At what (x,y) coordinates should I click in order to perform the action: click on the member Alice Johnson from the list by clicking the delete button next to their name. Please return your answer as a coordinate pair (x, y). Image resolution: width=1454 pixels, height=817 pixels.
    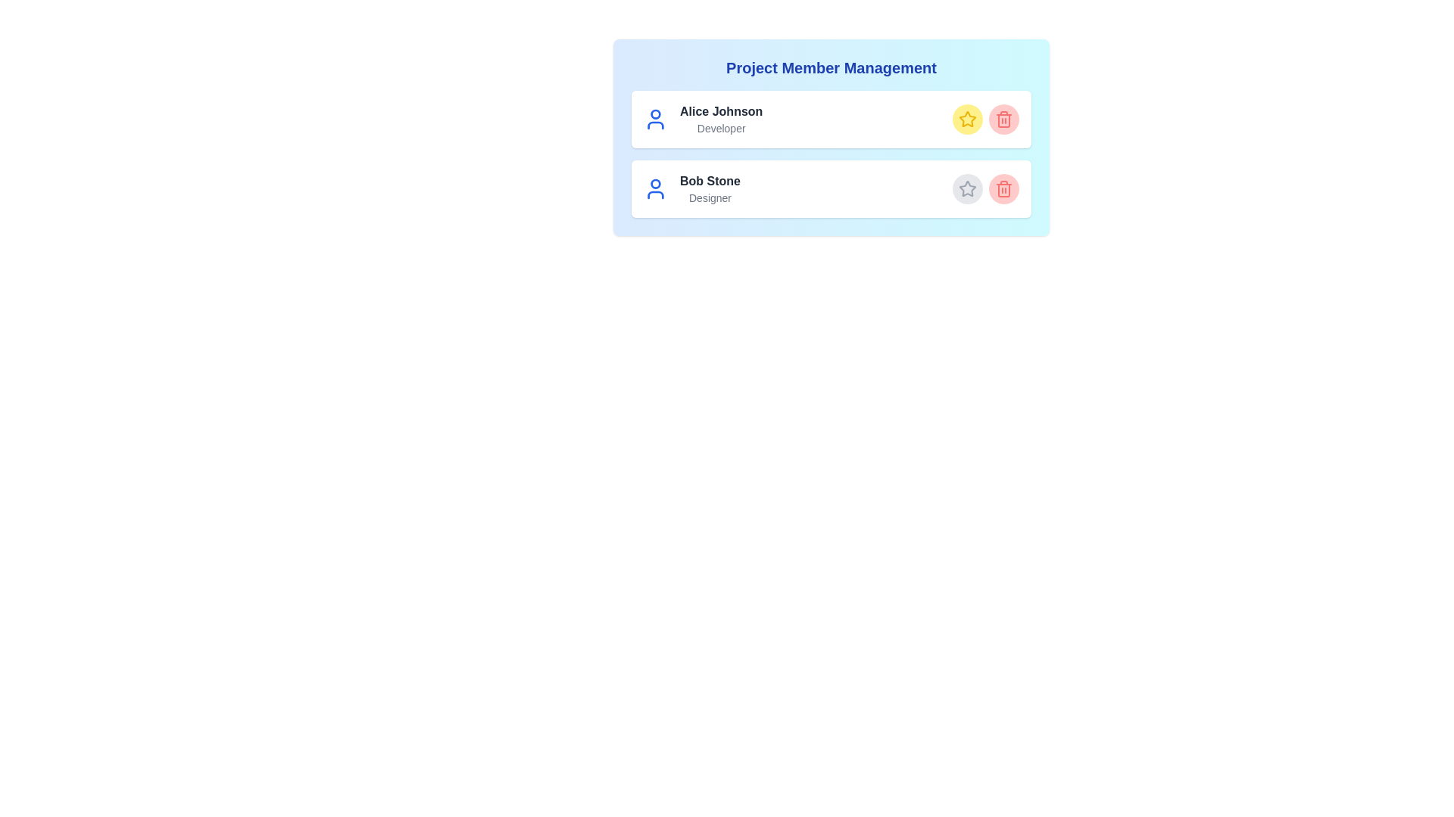
    Looking at the image, I should click on (1003, 119).